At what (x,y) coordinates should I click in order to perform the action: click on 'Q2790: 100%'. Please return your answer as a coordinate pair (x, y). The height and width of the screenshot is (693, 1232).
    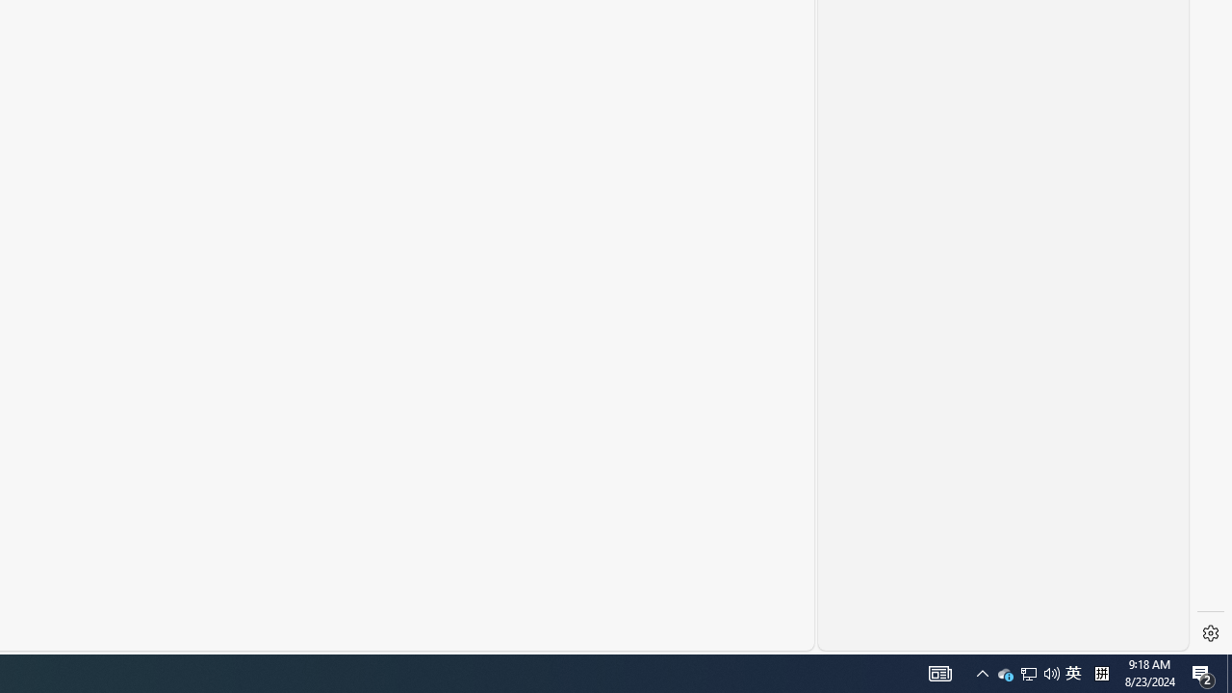
    Looking at the image, I should click on (1051, 672).